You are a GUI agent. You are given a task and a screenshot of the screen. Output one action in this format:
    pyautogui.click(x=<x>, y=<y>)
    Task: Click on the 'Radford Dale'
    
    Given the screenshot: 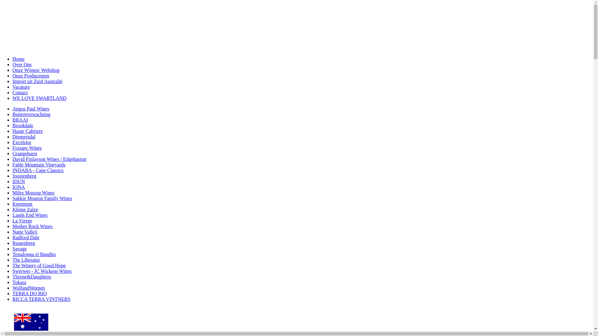 What is the action you would take?
    pyautogui.click(x=26, y=237)
    